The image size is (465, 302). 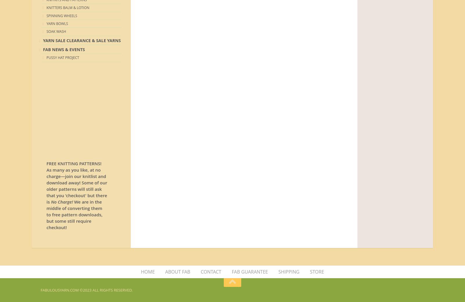 What do you see at coordinates (178, 271) in the screenshot?
I see `'ABOUT FAB'` at bounding box center [178, 271].